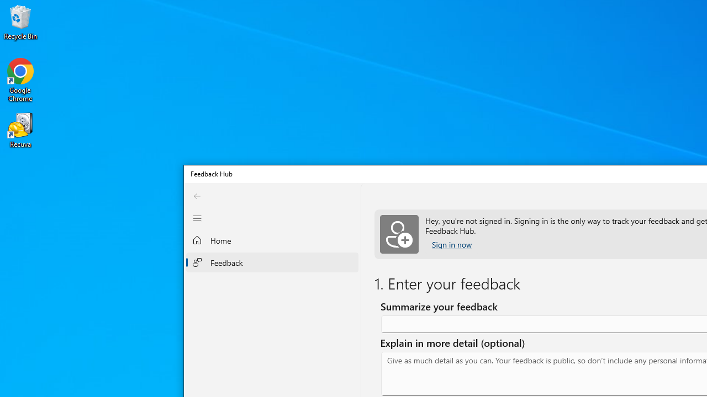  Describe the element at coordinates (452, 244) in the screenshot. I see `'Sign in now'` at that location.